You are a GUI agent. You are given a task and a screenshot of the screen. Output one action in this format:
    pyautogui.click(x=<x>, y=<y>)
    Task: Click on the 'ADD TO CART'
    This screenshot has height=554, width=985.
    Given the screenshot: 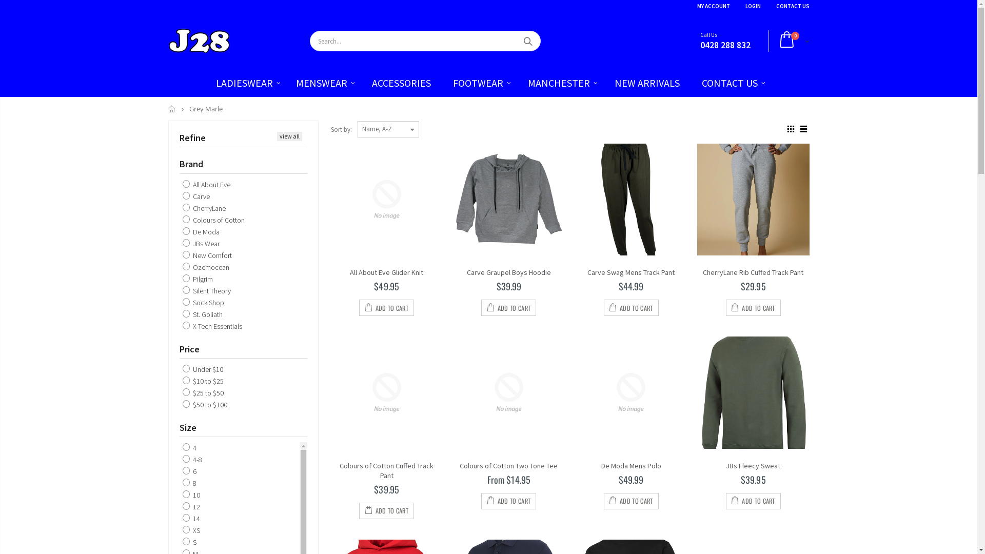 What is the action you would take?
    pyautogui.click(x=386, y=307)
    